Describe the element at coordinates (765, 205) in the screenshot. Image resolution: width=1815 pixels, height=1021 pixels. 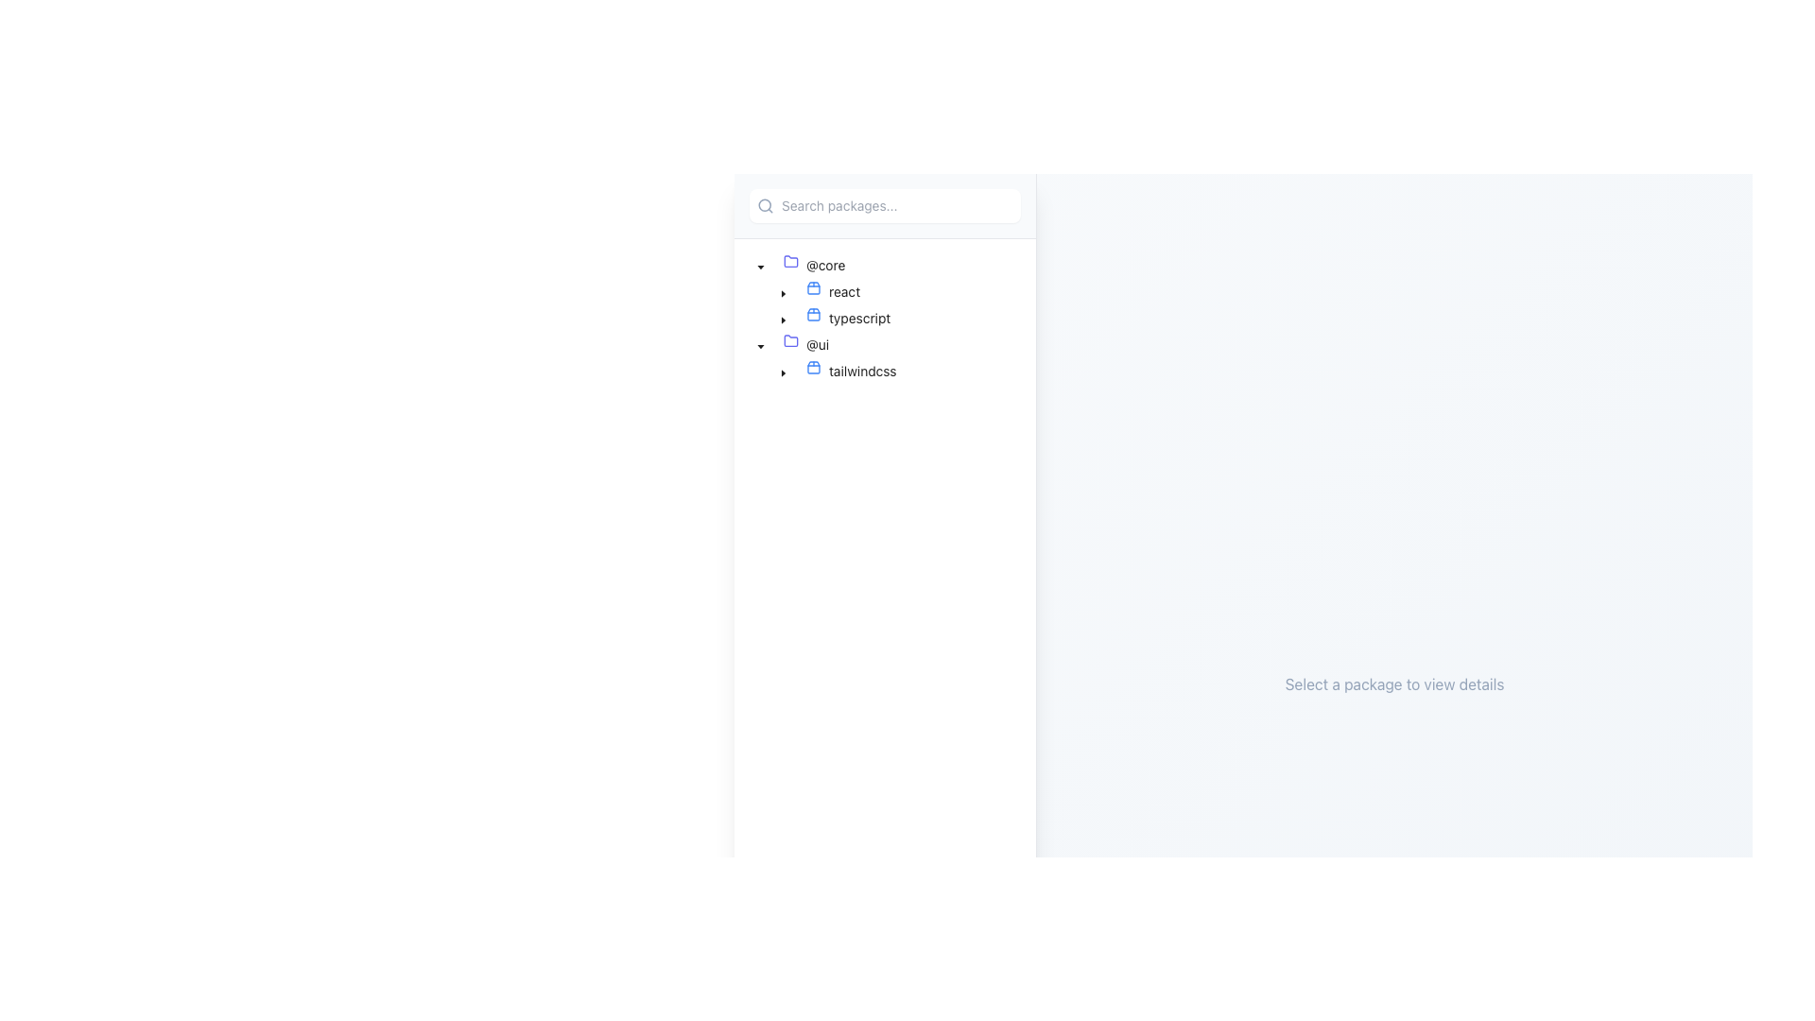
I see `the interactive zone surrounding the SVG circle element representing the magnifying glass lens, which is styled with a stroke and no fill` at that location.